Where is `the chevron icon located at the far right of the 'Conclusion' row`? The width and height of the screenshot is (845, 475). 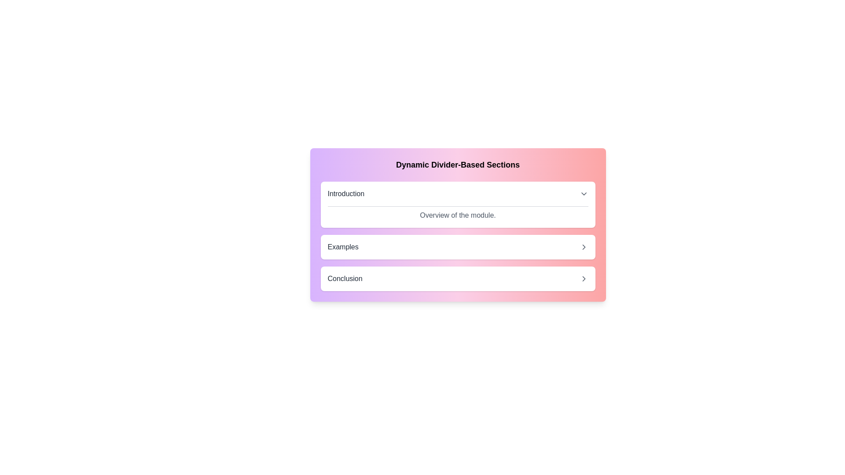
the chevron icon located at the far right of the 'Conclusion' row is located at coordinates (584, 278).